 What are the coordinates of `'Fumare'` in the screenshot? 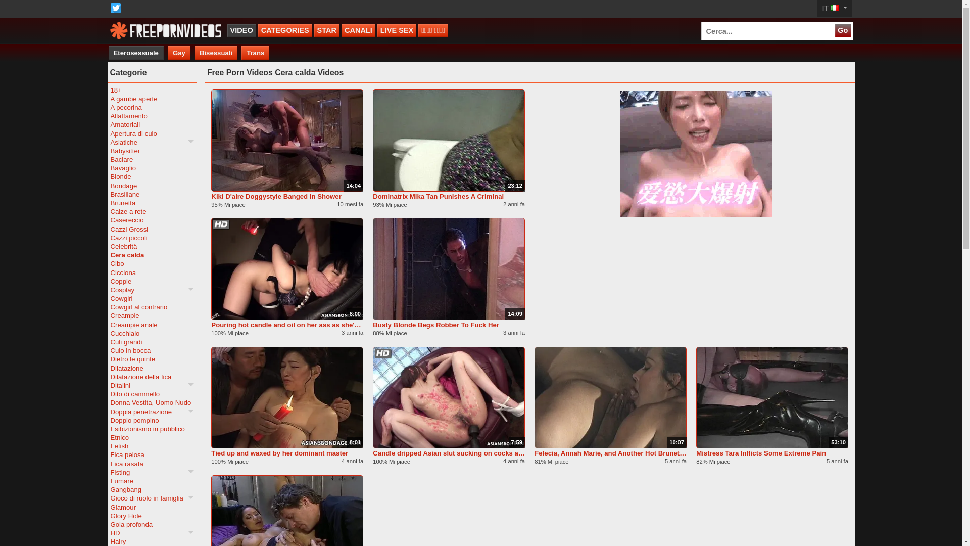 It's located at (152, 480).